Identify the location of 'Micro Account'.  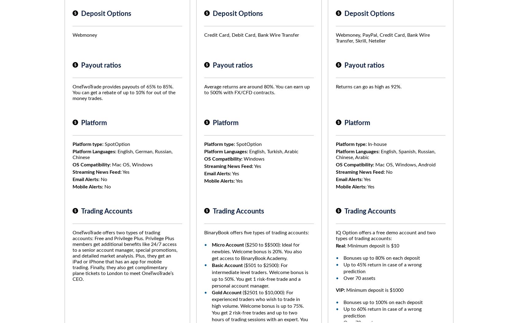
(227, 245).